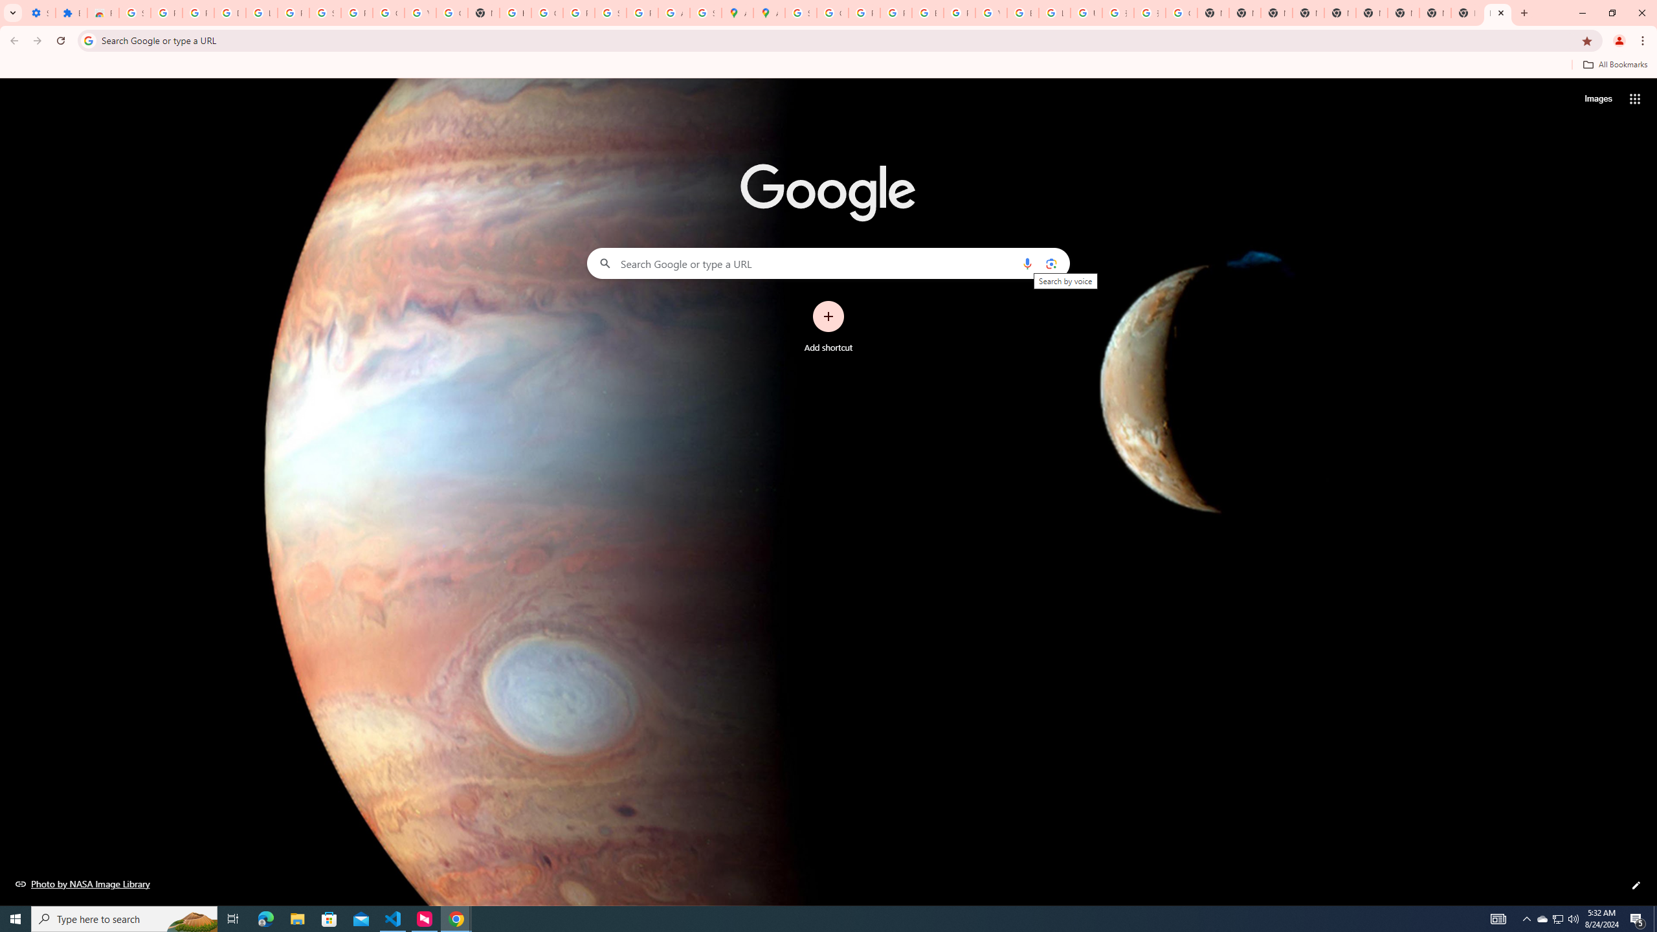  Describe the element at coordinates (865, 12) in the screenshot. I see `'Privacy Help Center - Policies Help'` at that location.